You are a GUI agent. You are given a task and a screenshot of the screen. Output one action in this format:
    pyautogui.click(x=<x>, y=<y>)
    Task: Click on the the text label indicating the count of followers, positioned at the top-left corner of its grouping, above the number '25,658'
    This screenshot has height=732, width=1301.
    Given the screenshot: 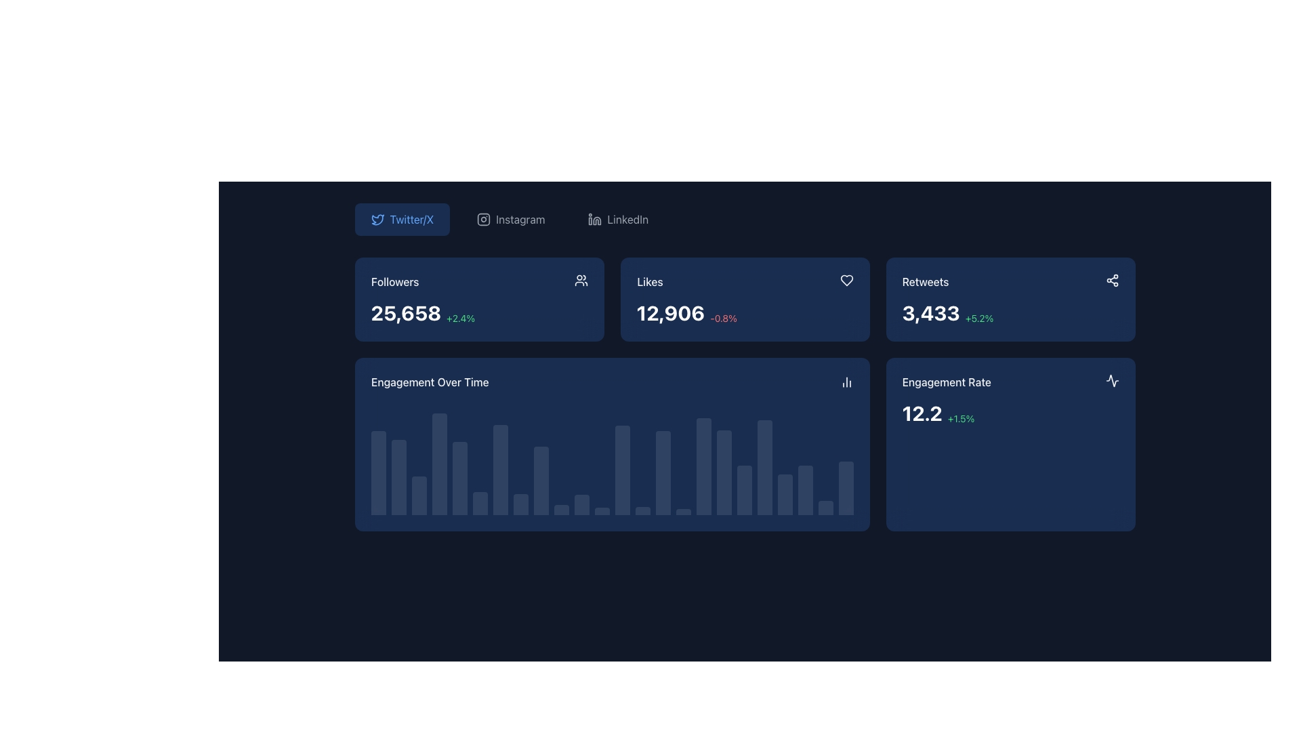 What is the action you would take?
    pyautogui.click(x=394, y=281)
    